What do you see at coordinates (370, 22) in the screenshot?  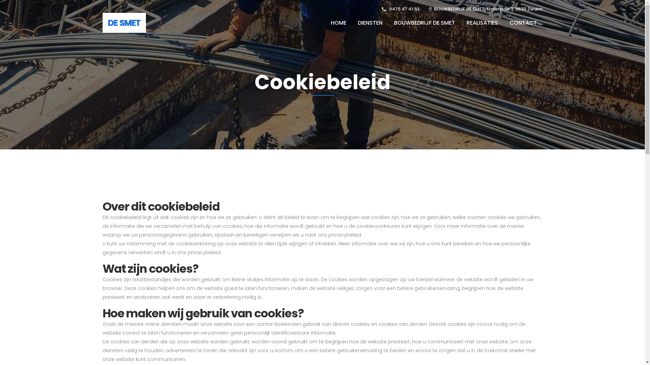 I see `'DIENSTEN'` at bounding box center [370, 22].